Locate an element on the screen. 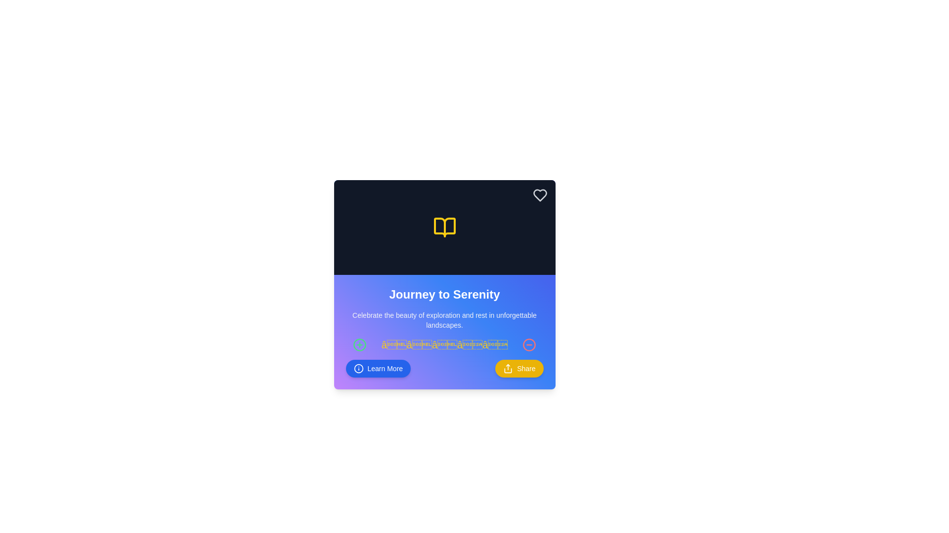 The width and height of the screenshot is (949, 533). the blue button with rounded corners that has an 'i' icon and 'Learn More' text is located at coordinates (378, 369).